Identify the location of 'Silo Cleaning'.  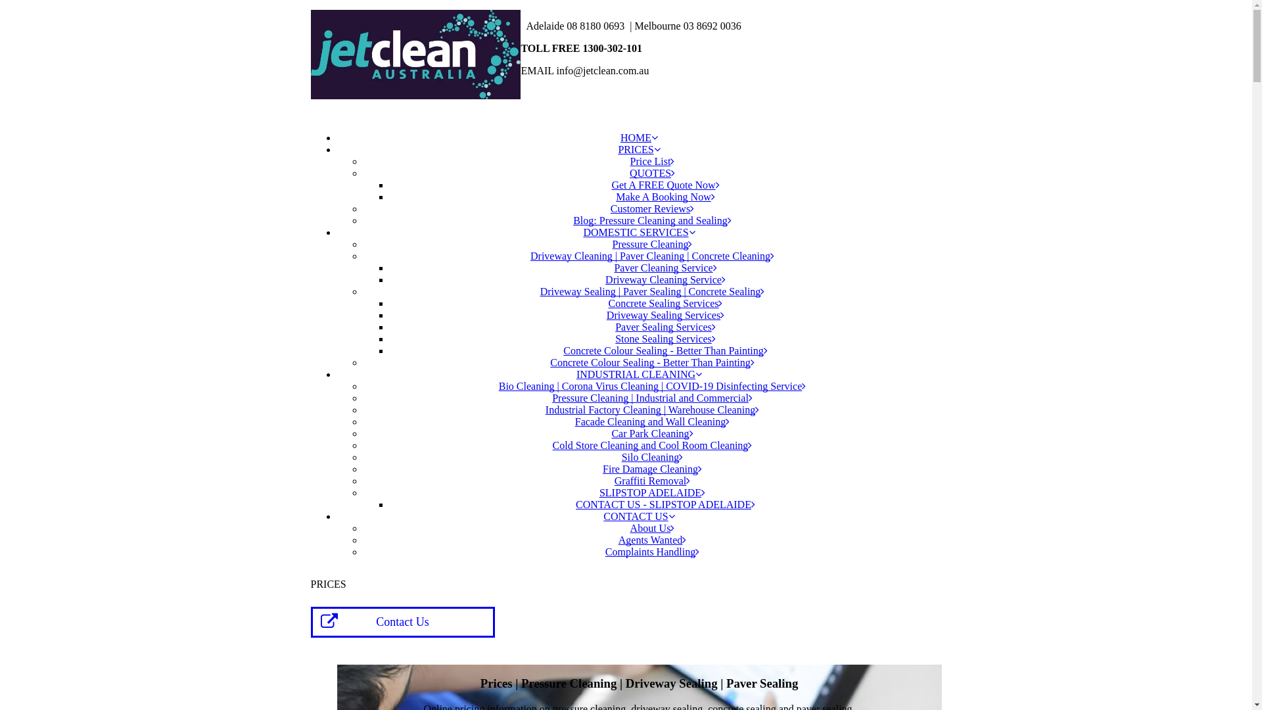
(620, 456).